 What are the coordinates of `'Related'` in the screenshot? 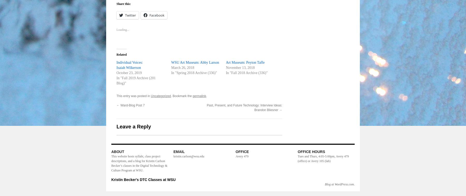 It's located at (121, 54).